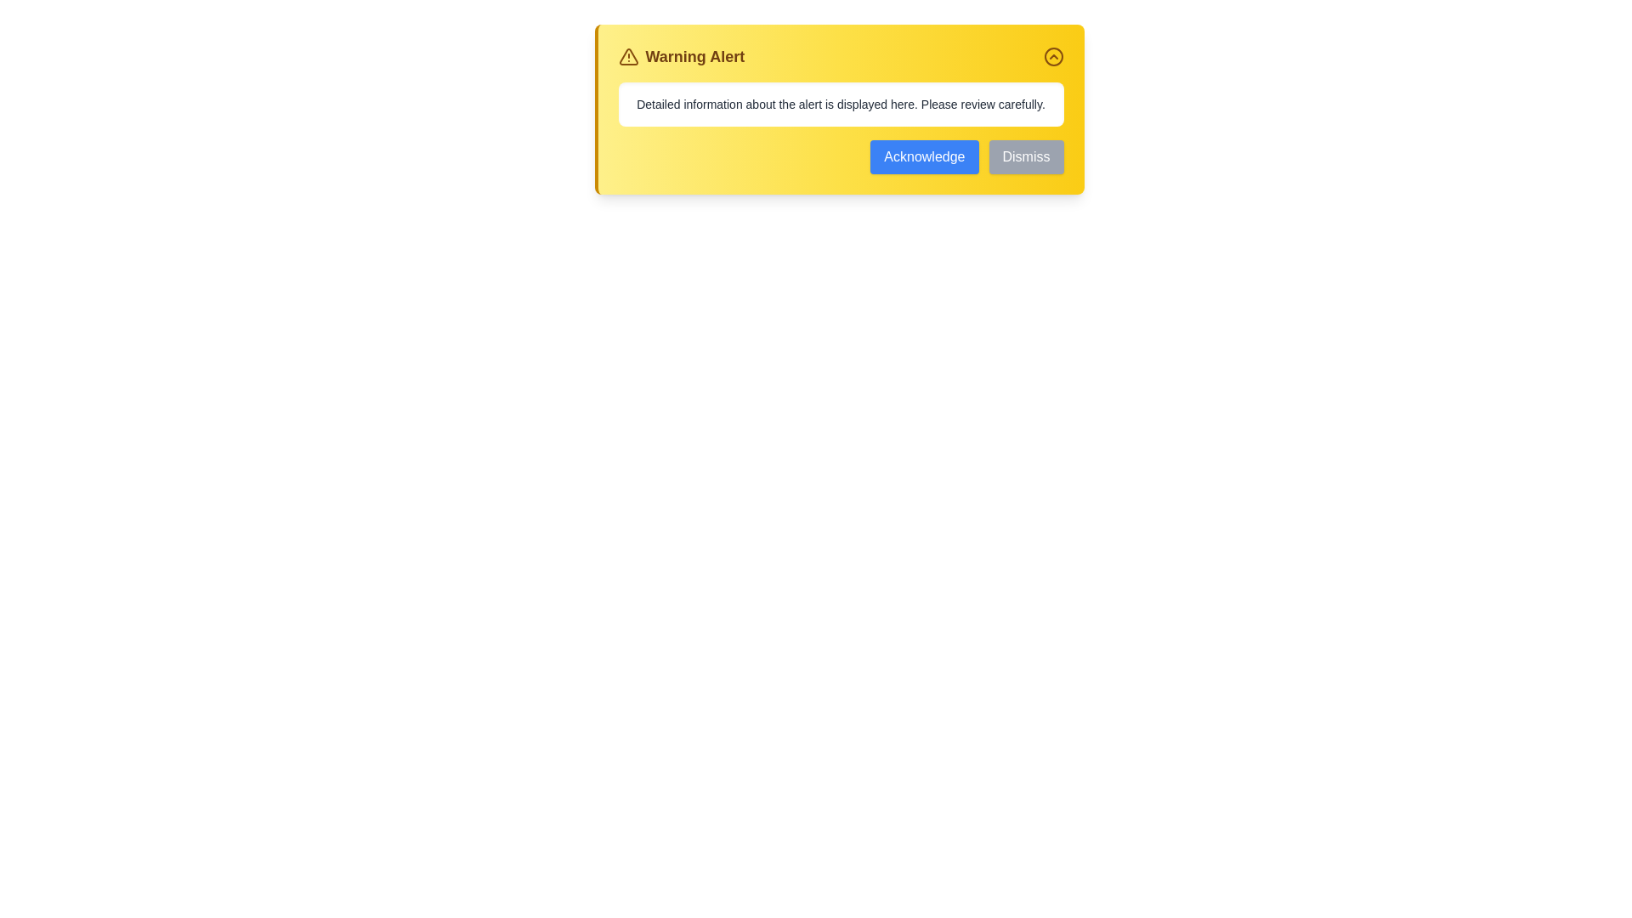 The width and height of the screenshot is (1632, 918). I want to click on the alert icon to interact with it, so click(627, 55).